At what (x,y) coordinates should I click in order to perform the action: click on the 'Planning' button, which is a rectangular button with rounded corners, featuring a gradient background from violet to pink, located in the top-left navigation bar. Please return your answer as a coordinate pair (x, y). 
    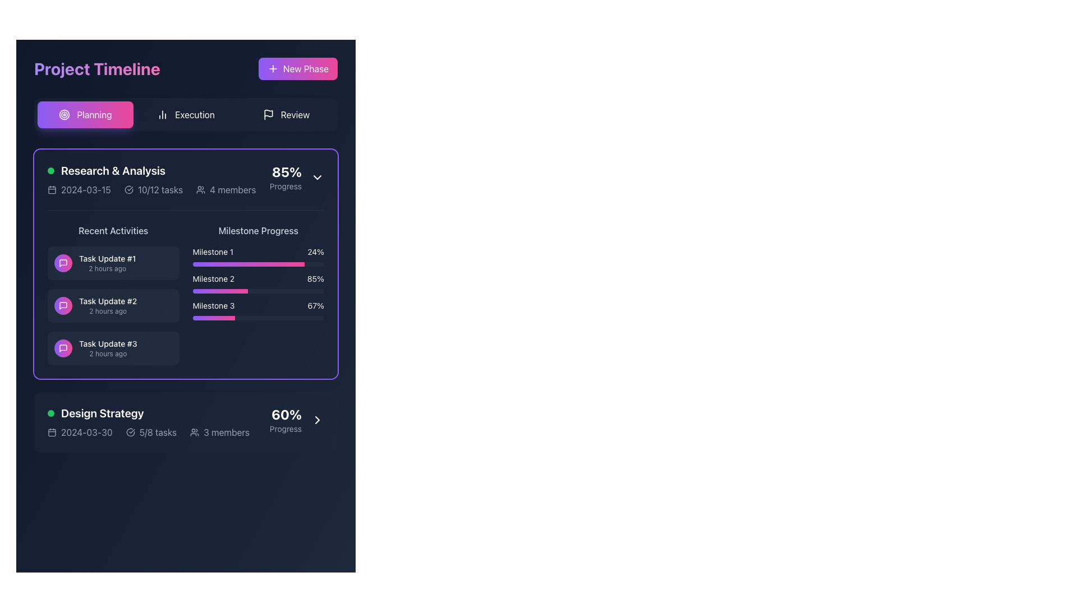
    Looking at the image, I should click on (85, 114).